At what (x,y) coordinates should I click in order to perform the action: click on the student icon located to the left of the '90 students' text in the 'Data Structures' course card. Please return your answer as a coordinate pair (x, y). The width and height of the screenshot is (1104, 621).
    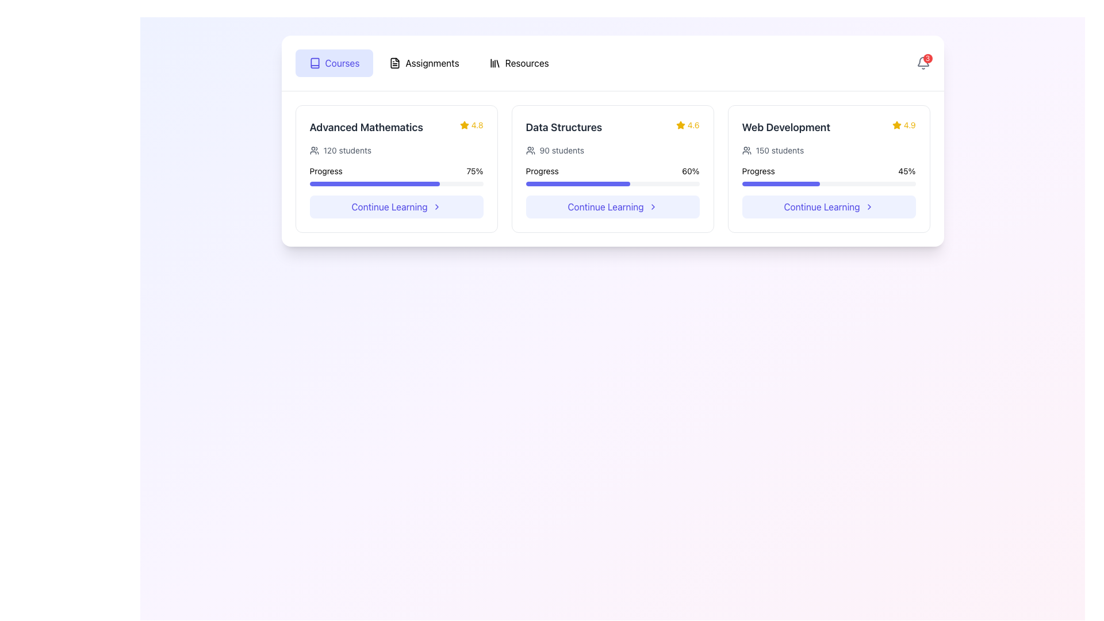
    Looking at the image, I should click on (530, 150).